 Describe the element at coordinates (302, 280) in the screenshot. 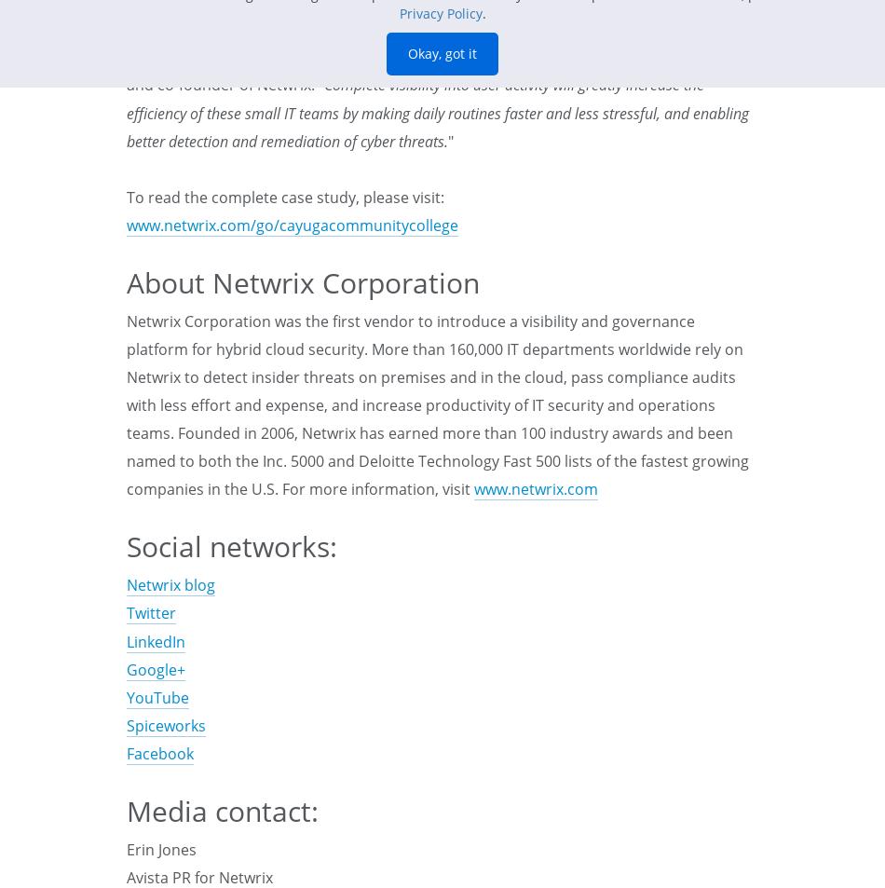

I see `'About Netwrix Corporation'` at that location.